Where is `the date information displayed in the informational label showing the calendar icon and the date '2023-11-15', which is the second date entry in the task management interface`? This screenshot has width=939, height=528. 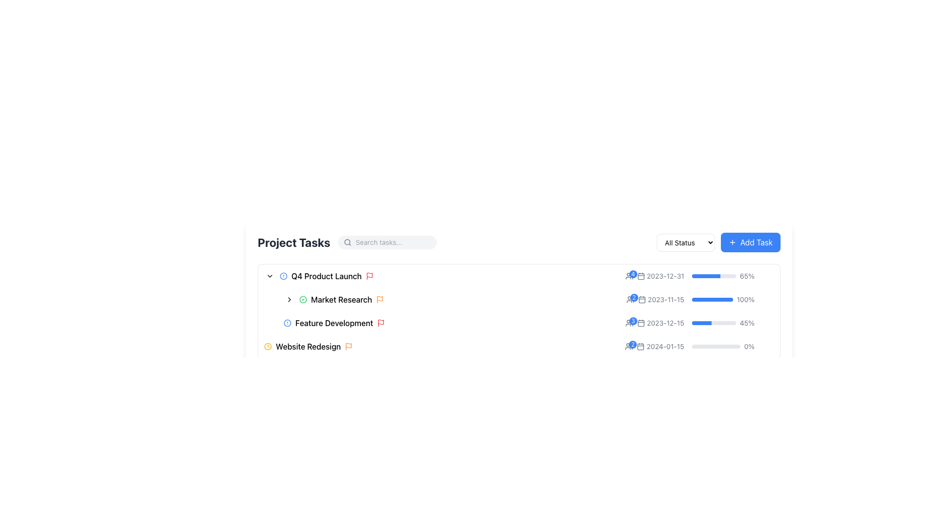 the date information displayed in the informational label showing the calendar icon and the date '2023-11-15', which is the second date entry in the task management interface is located at coordinates (661, 299).